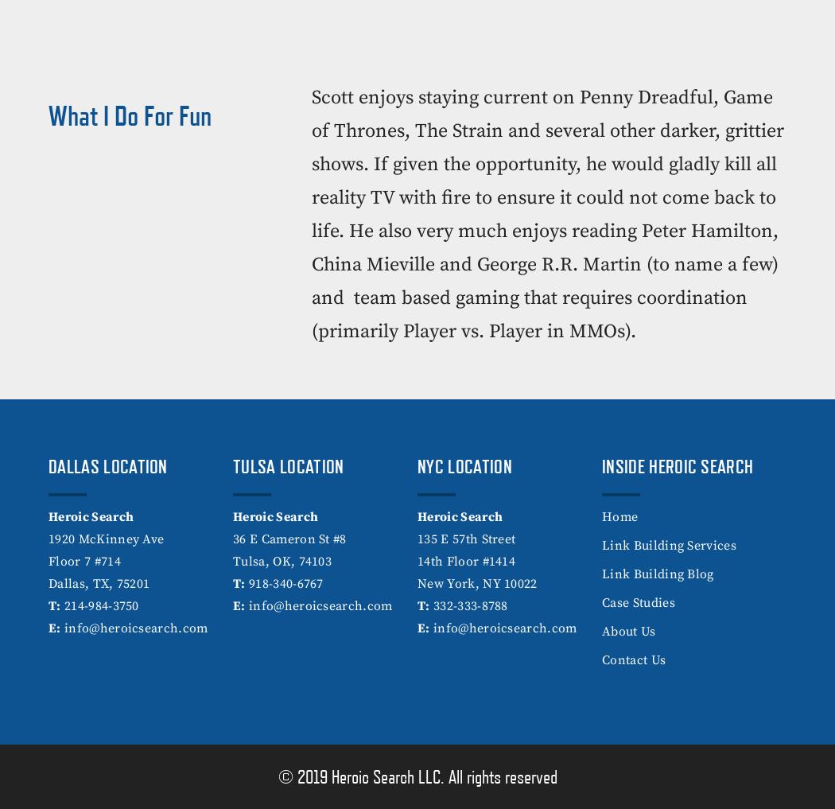 This screenshot has height=809, width=835. What do you see at coordinates (619, 516) in the screenshot?
I see `'Home'` at bounding box center [619, 516].